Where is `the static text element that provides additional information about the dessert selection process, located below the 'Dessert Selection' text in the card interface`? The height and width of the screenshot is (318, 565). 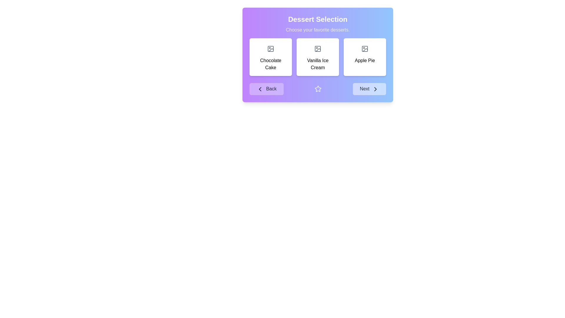 the static text element that provides additional information about the dessert selection process, located below the 'Dessert Selection' text in the card interface is located at coordinates (318, 30).